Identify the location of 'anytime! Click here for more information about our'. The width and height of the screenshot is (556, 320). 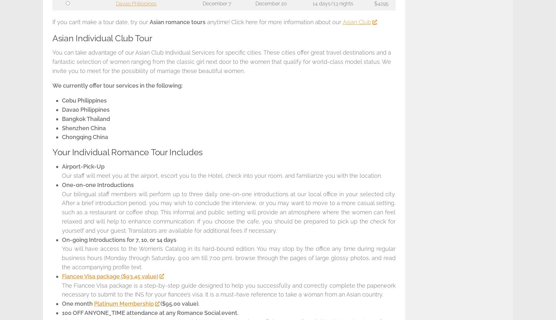
(274, 22).